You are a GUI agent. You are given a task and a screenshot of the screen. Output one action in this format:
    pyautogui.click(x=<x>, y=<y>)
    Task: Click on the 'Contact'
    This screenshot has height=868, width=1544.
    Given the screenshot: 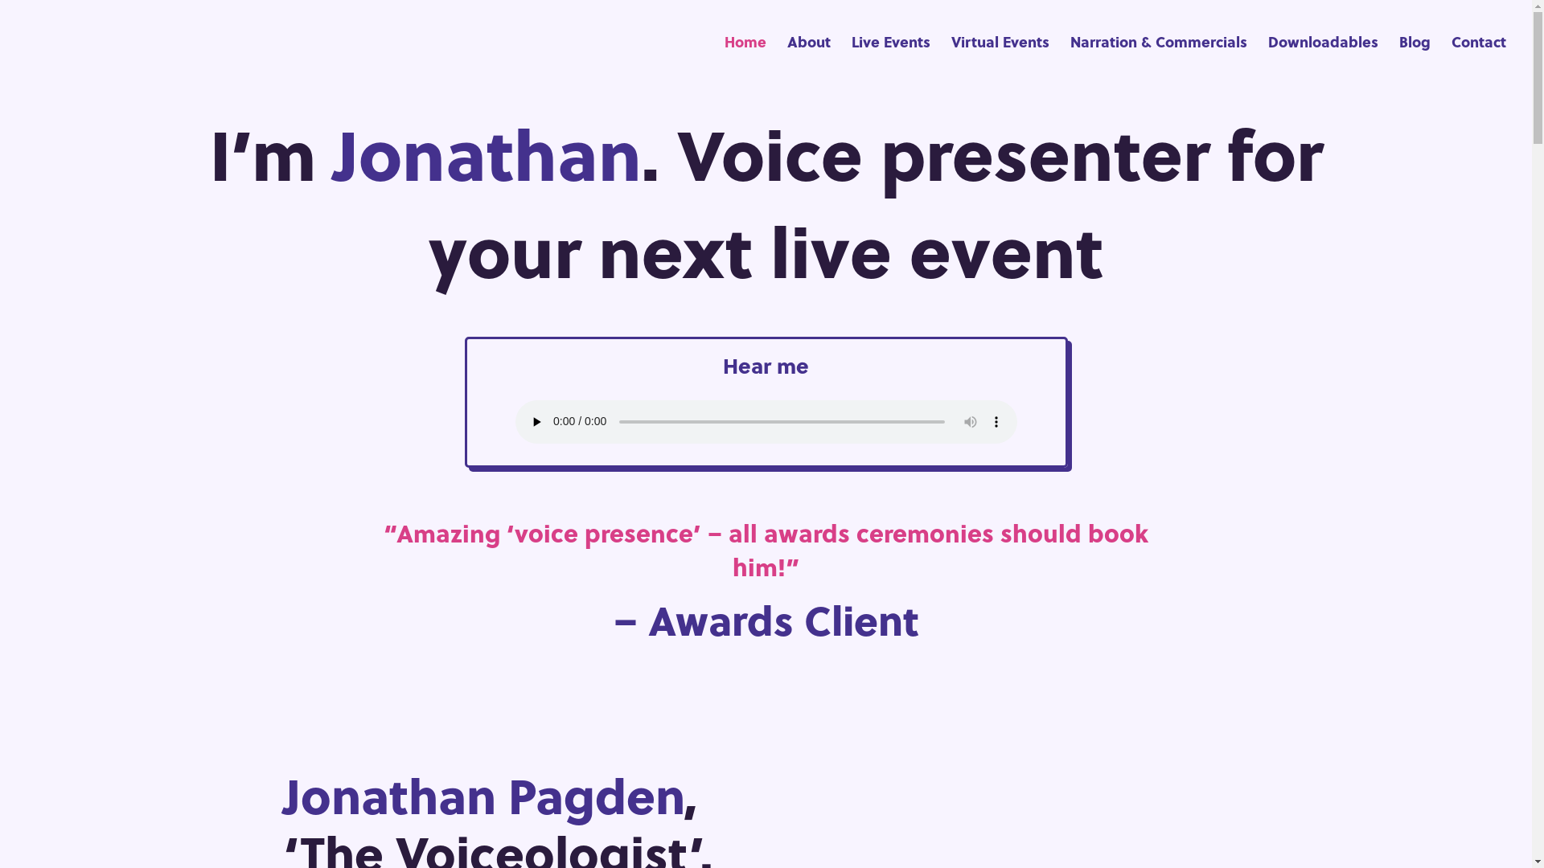 What is the action you would take?
    pyautogui.click(x=1478, y=59)
    